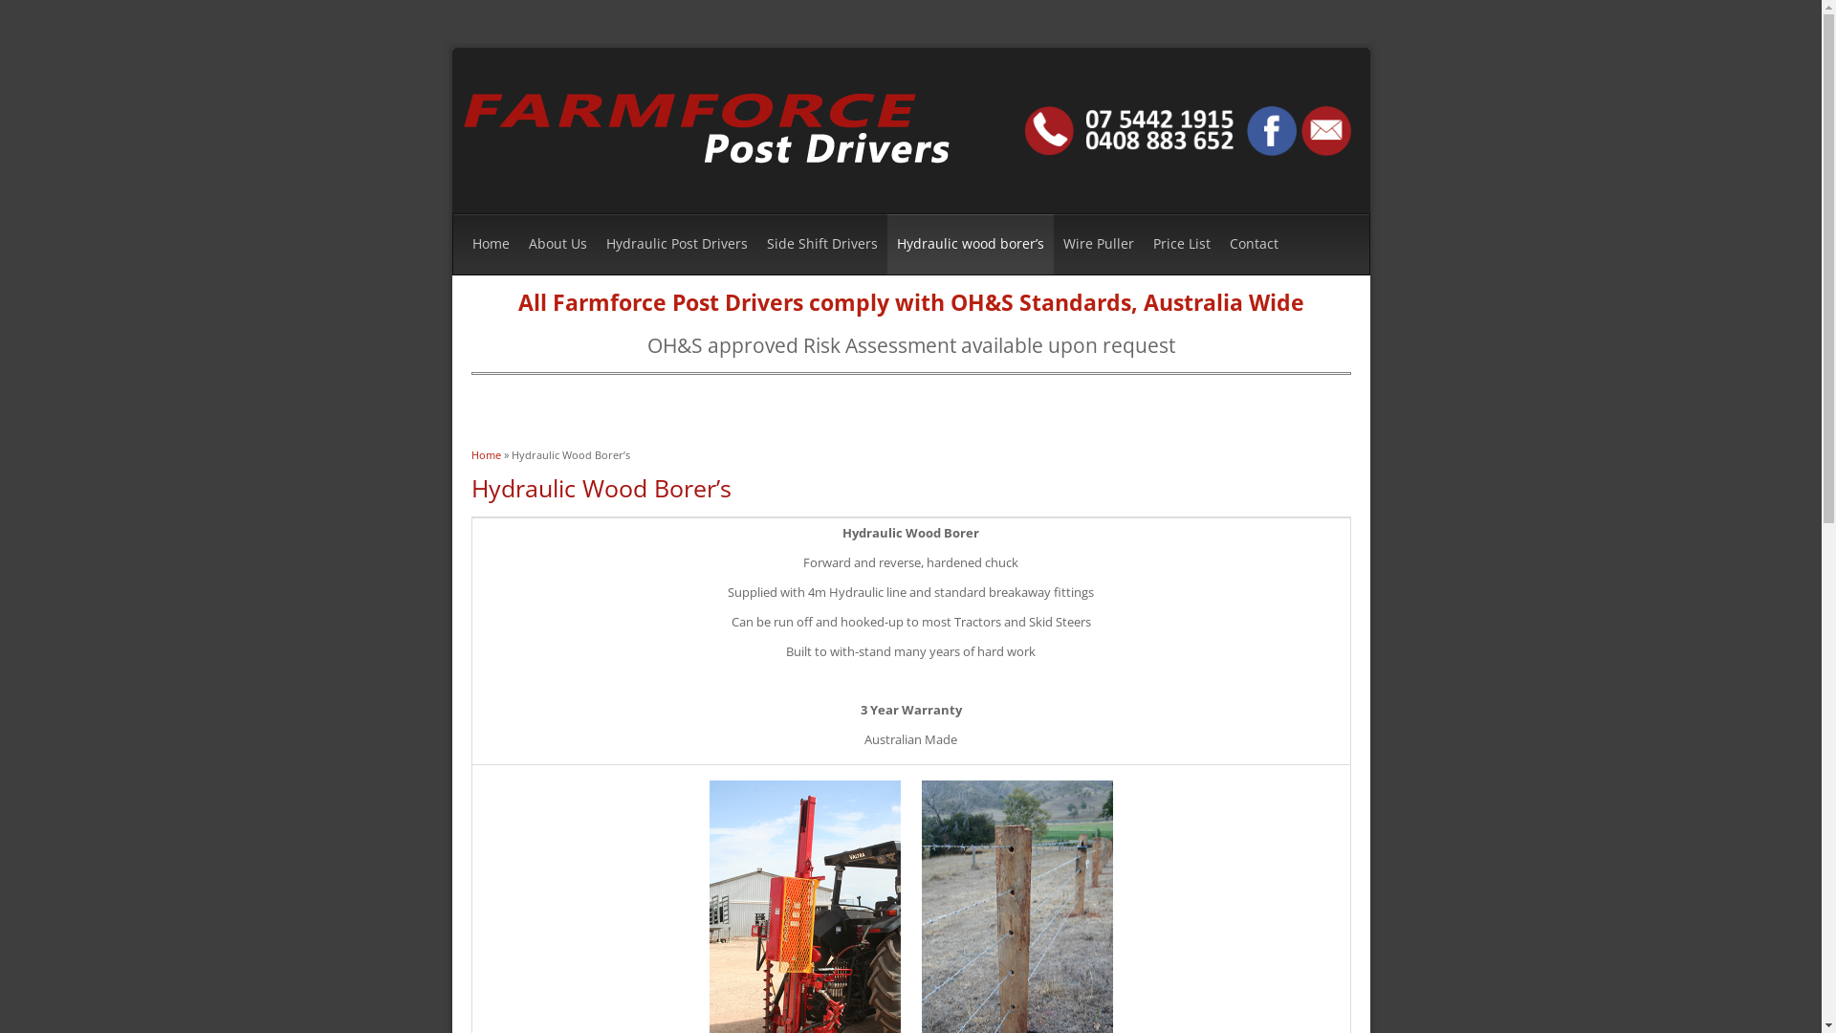  Describe the element at coordinates (821, 243) in the screenshot. I see `'Side Shift Drivers'` at that location.